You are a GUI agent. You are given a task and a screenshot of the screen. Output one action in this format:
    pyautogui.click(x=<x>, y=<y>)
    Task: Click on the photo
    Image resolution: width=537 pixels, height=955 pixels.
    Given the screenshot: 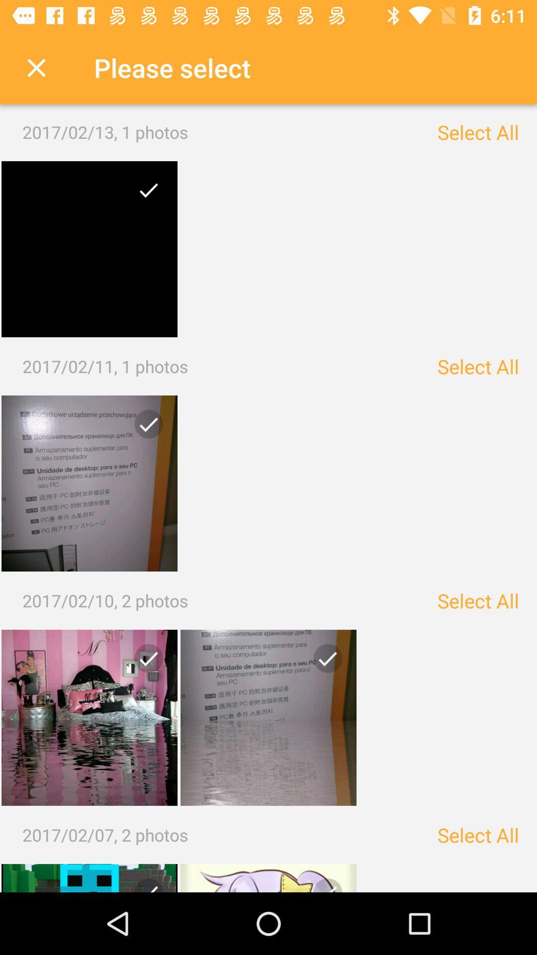 What is the action you would take?
    pyautogui.click(x=268, y=878)
    